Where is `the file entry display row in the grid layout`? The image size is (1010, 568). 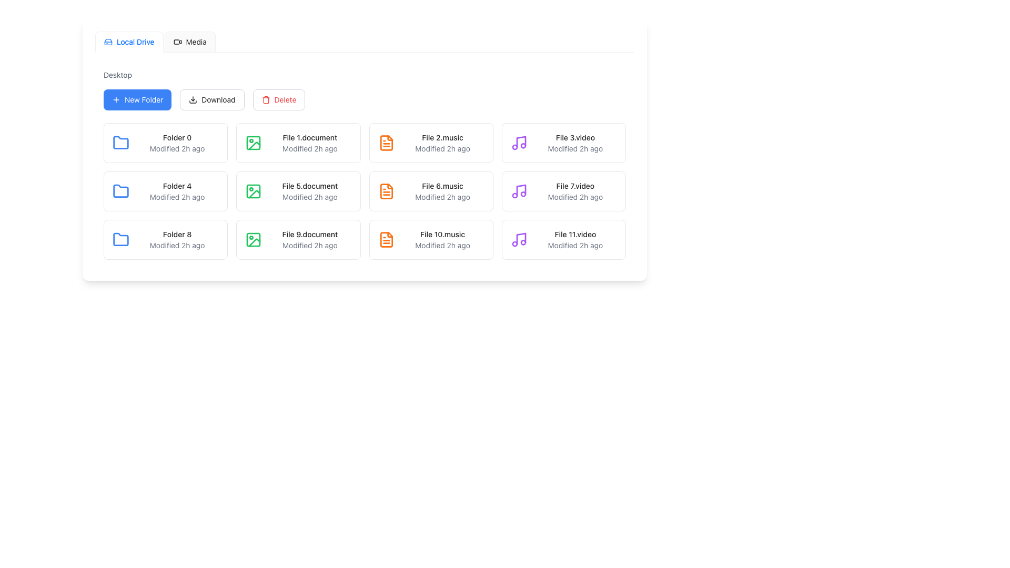
the file entry display row in the grid layout is located at coordinates (431, 143).